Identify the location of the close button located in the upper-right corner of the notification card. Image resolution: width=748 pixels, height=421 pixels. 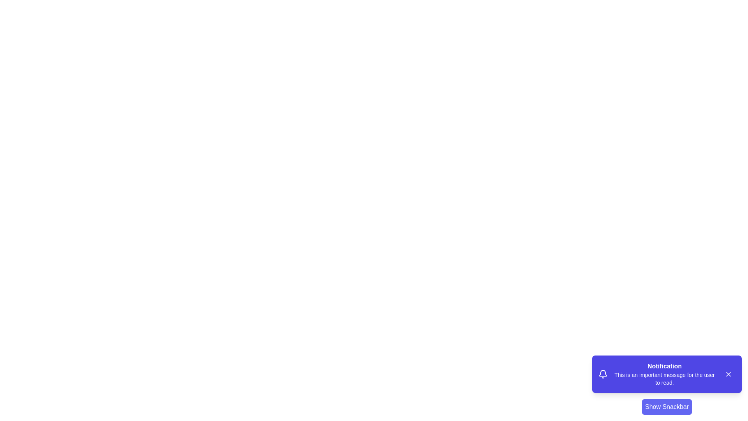
(728, 374).